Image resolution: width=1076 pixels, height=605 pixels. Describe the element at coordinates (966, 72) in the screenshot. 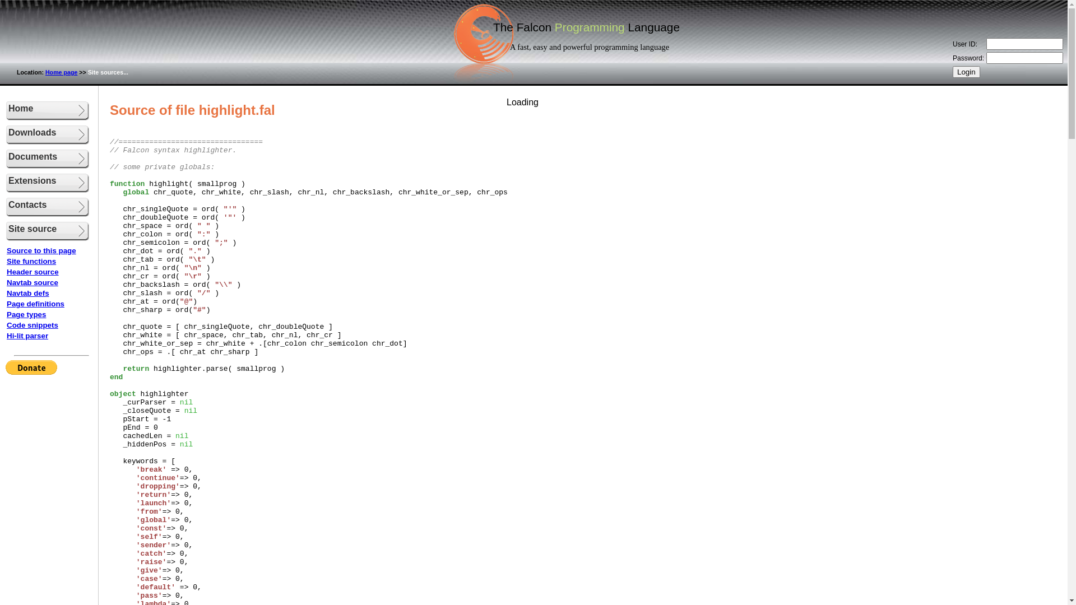

I see `'Login'` at that location.